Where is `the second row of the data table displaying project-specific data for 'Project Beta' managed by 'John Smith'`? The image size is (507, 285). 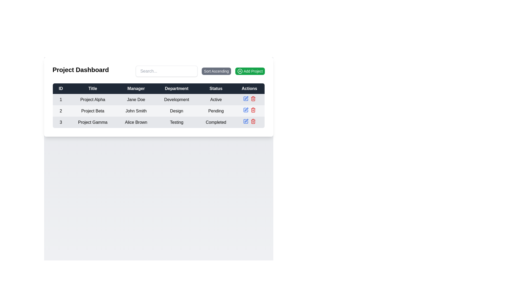 the second row of the data table displaying project-specific data for 'Project Beta' managed by 'John Smith' is located at coordinates (158, 111).